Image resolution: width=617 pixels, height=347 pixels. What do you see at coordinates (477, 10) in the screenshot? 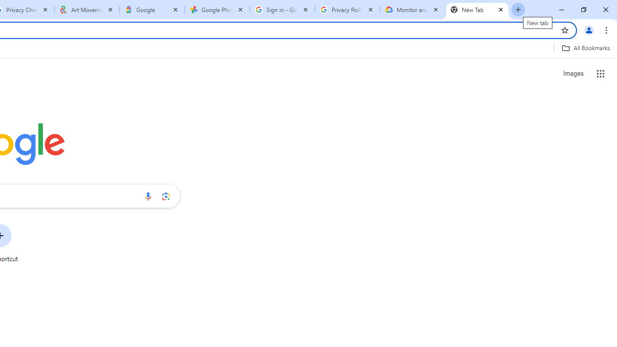
I see `'New Tab'` at bounding box center [477, 10].